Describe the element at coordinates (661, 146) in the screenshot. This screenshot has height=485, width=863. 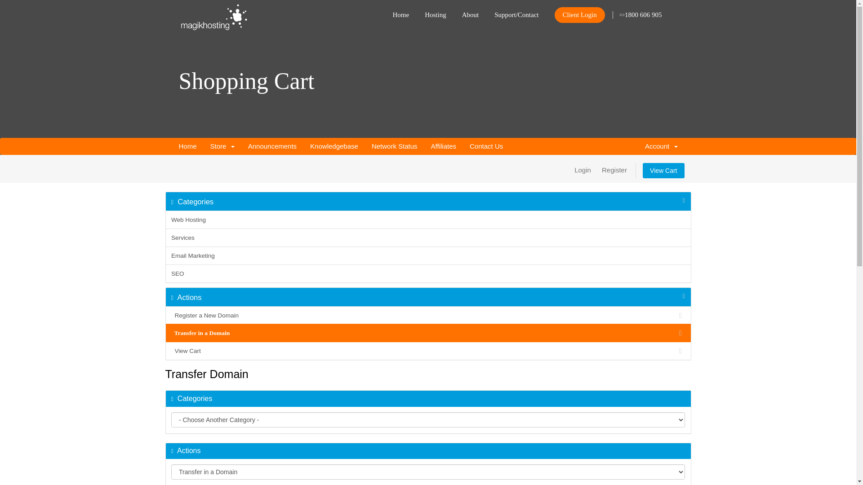
I see `'Account  '` at that location.